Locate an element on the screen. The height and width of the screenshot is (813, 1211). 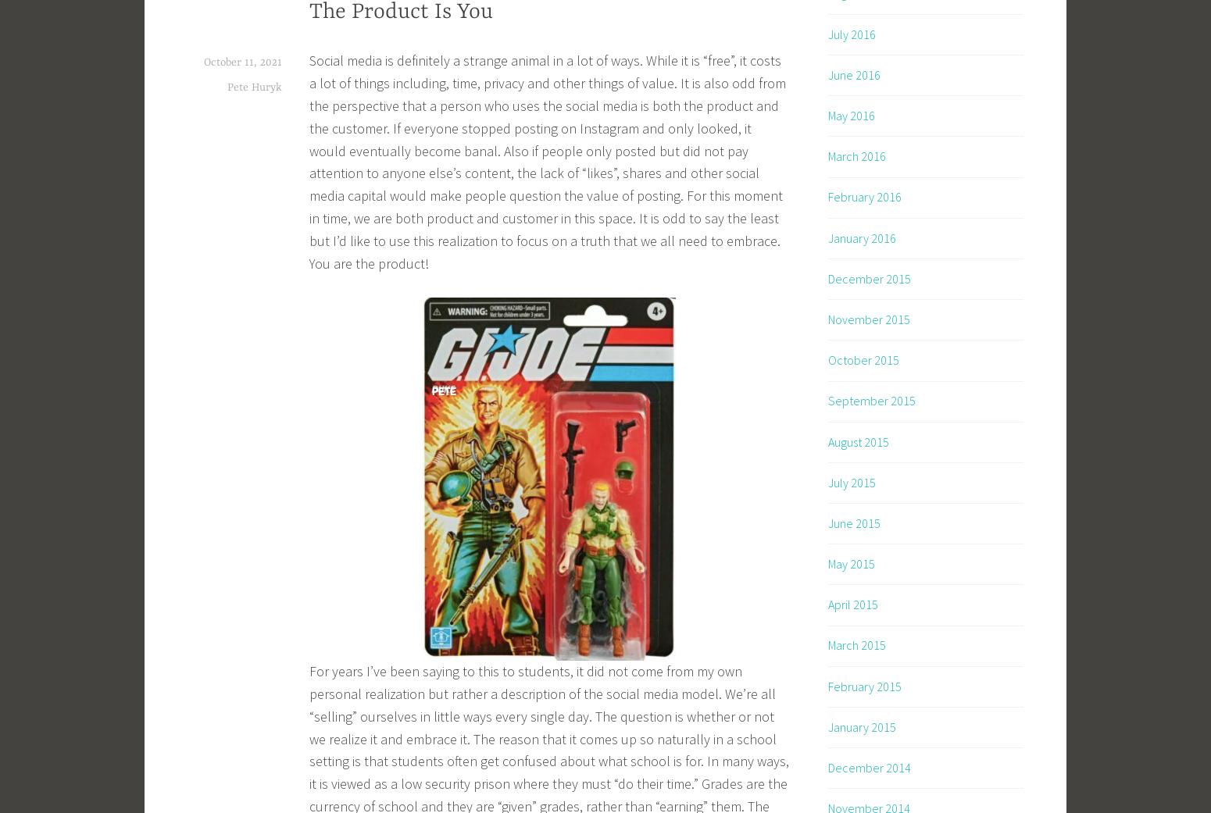
'October 11, 2021' is located at coordinates (242, 61).